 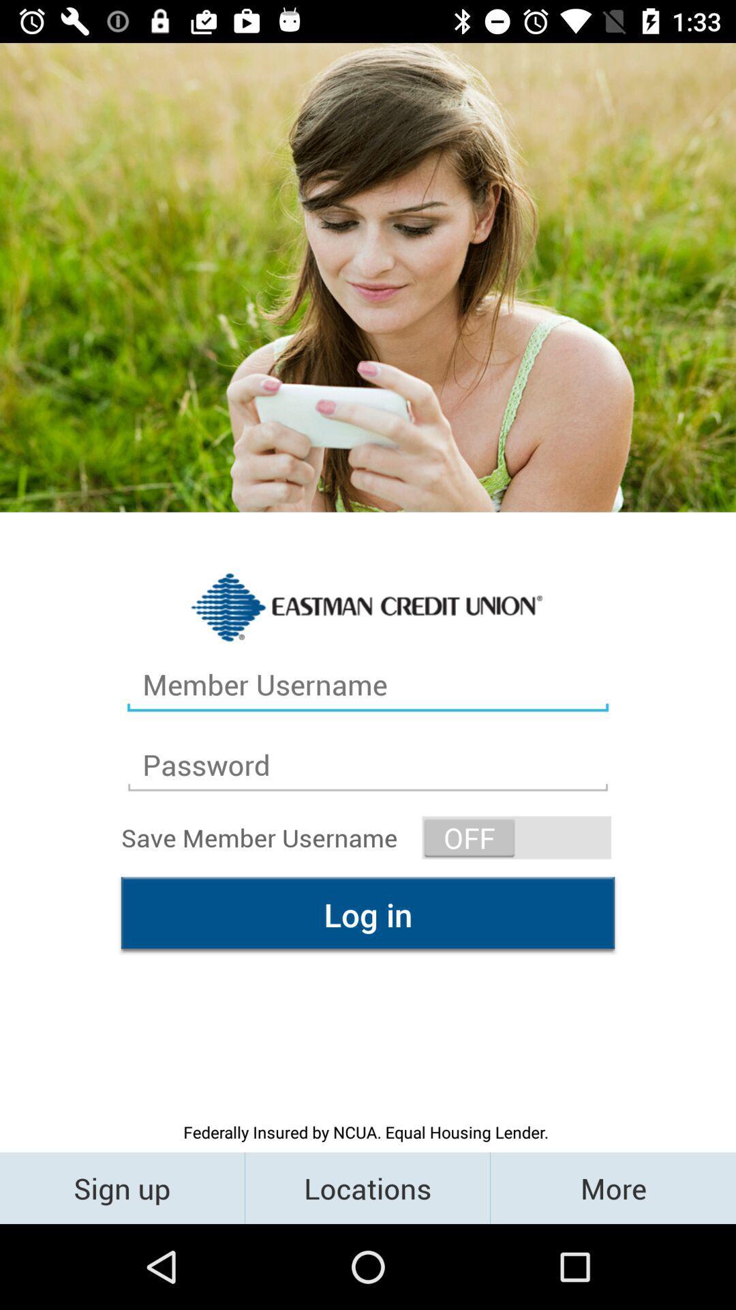 I want to click on the icon next to the sign up, so click(x=367, y=1187).